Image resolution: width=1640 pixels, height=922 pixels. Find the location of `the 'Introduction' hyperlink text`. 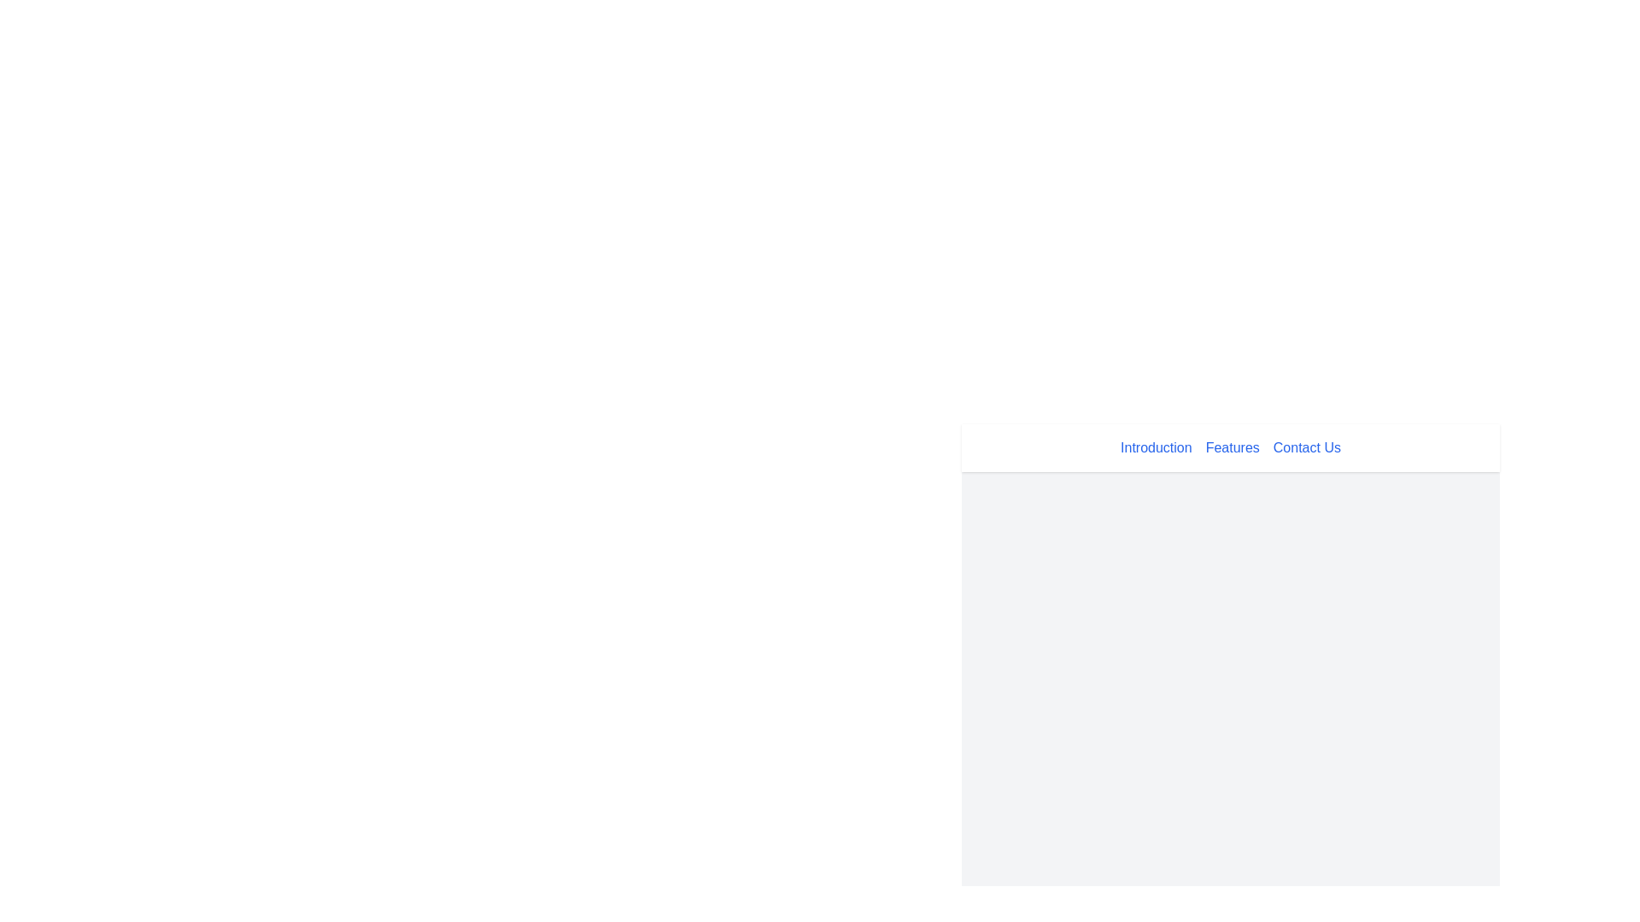

the 'Introduction' hyperlink text is located at coordinates (1156, 446).